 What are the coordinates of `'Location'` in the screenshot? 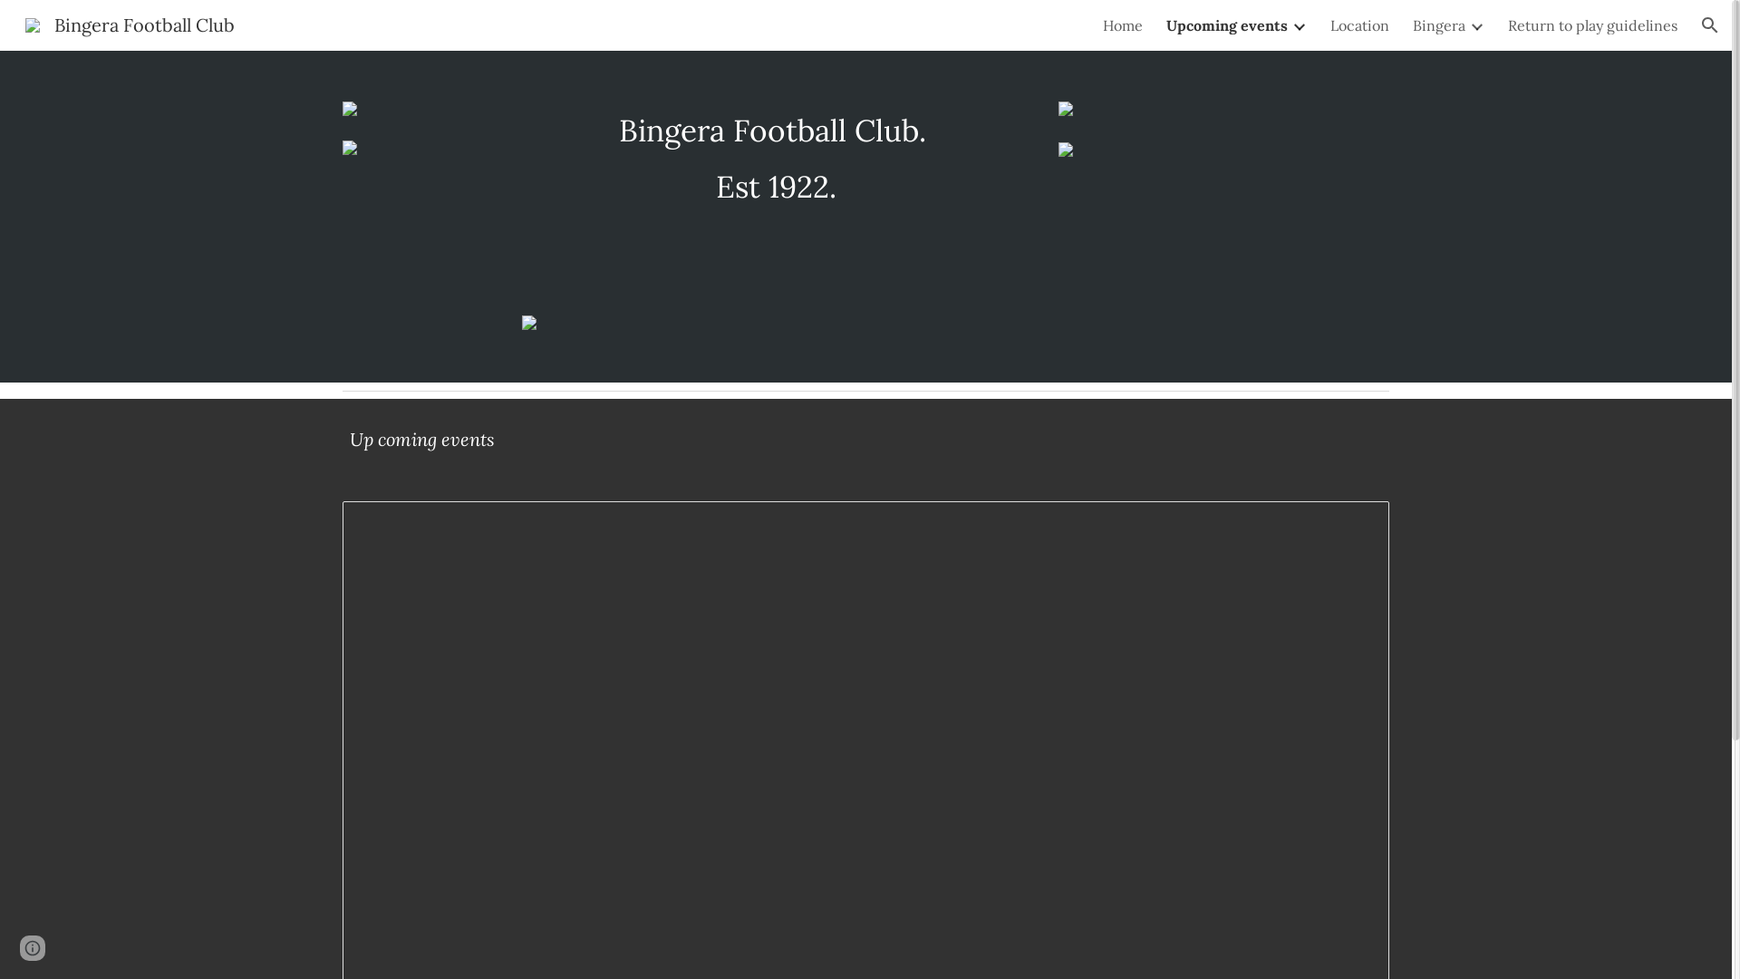 It's located at (1359, 24).